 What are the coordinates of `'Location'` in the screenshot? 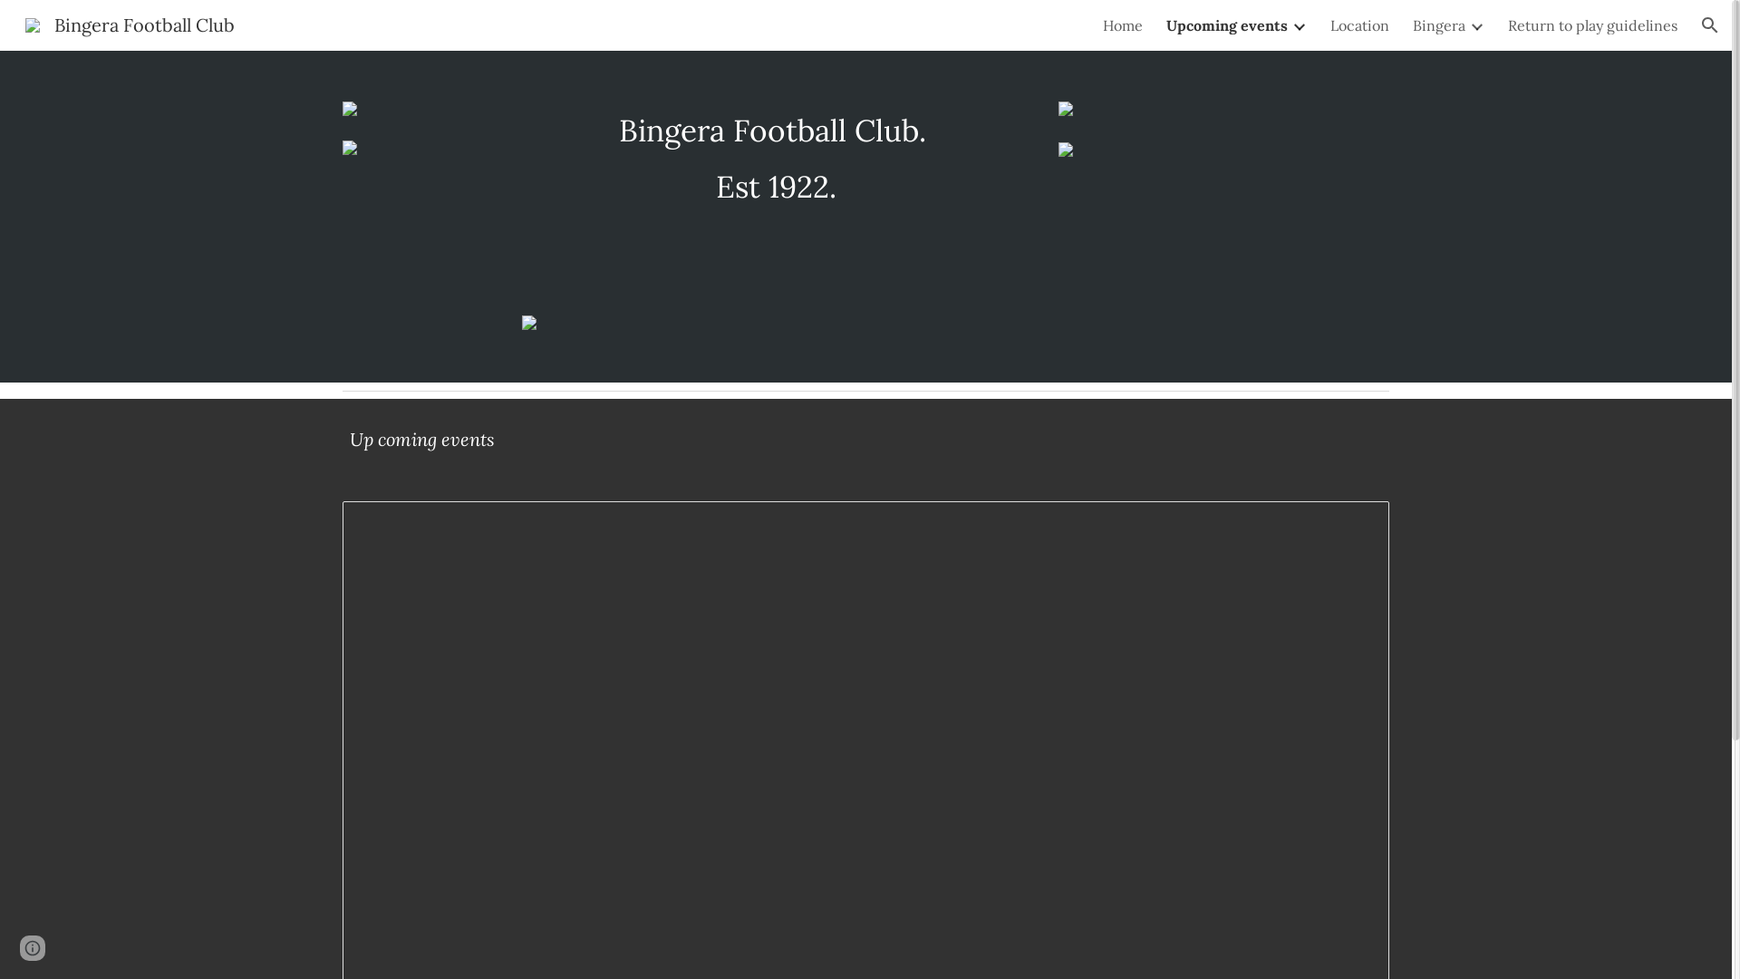 It's located at (1359, 24).